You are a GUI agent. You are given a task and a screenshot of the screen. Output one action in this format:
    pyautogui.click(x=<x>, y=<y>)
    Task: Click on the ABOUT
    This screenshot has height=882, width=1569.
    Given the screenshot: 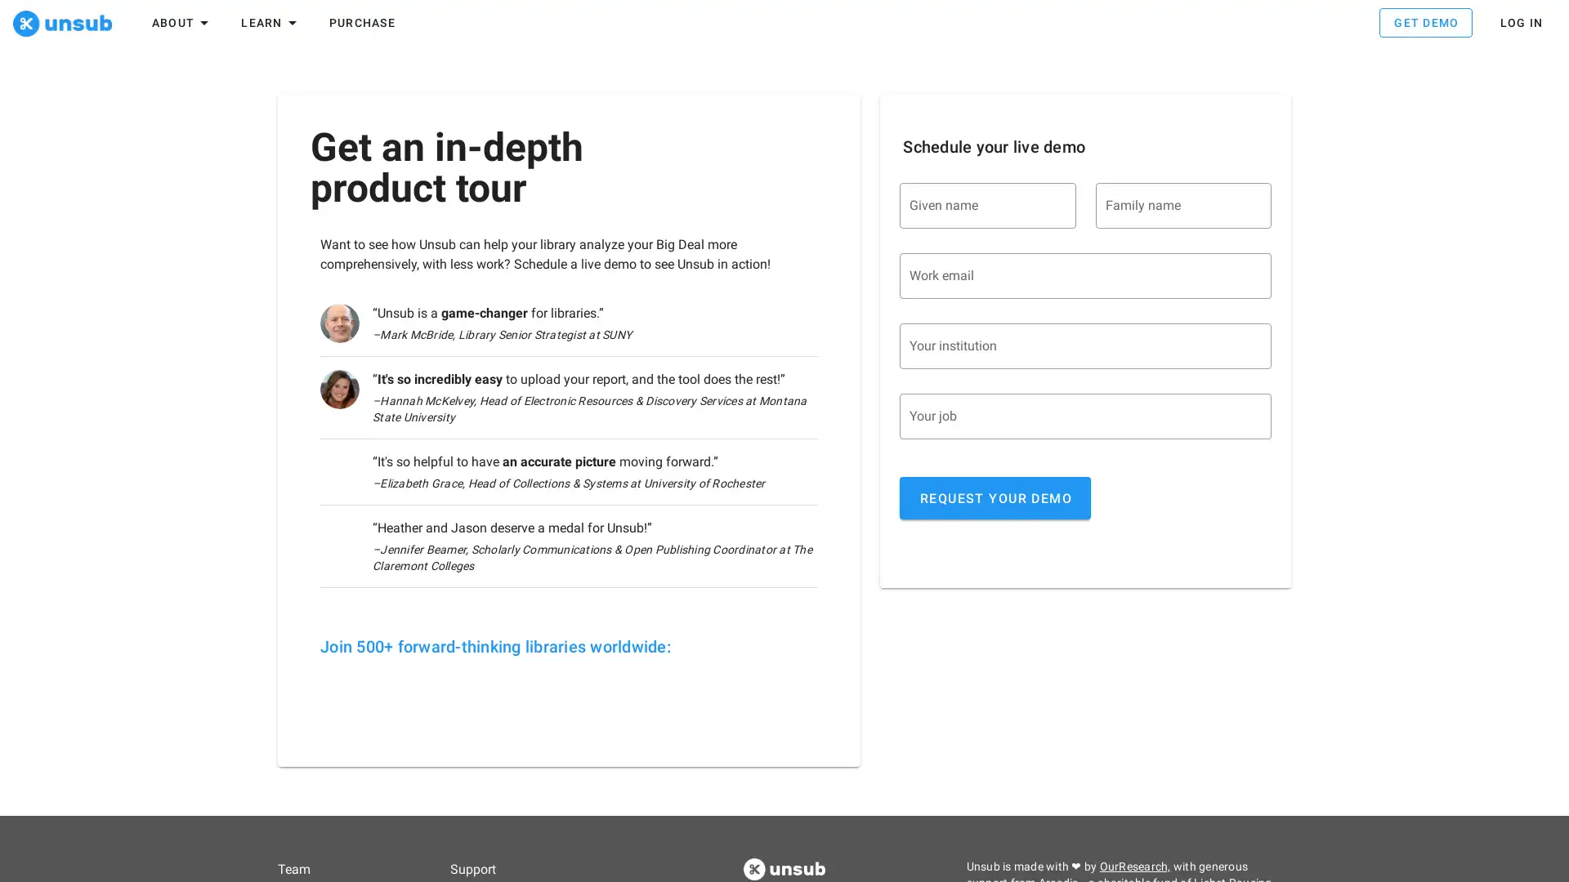 What is the action you would take?
    pyautogui.click(x=181, y=25)
    